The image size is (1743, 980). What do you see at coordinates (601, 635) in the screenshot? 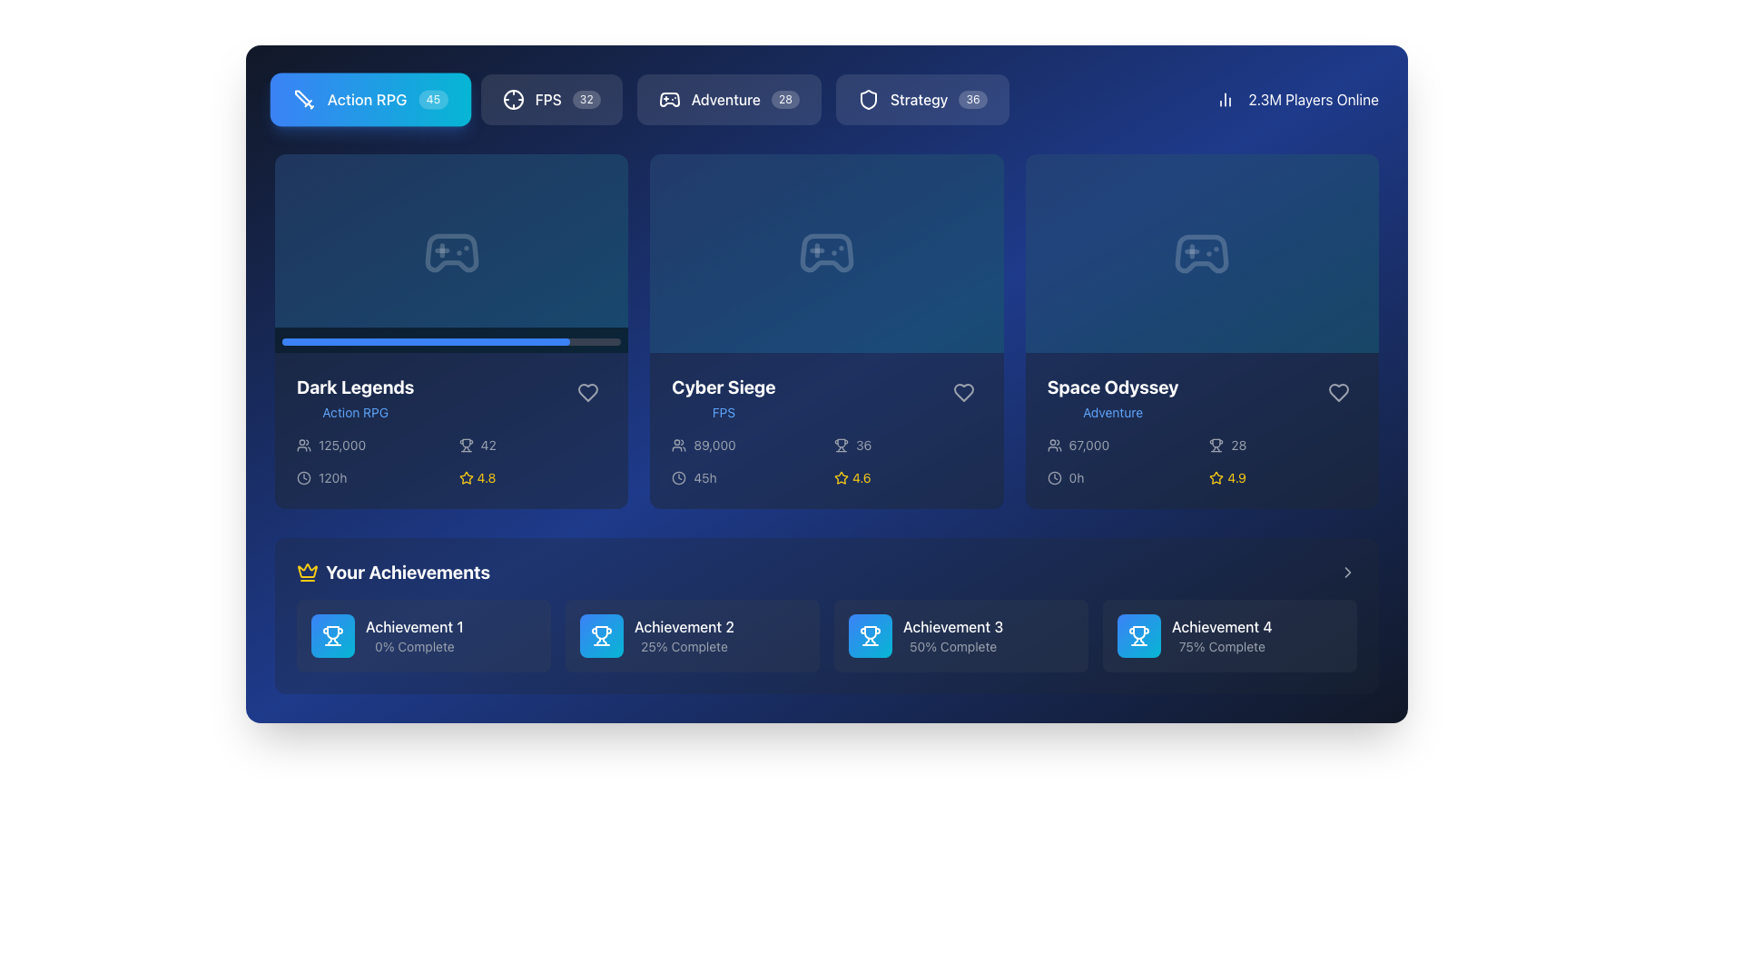
I see `the achievement icon representing 'Achievement 2' located in the 'Your Achievements' section, positioned centrally within its rounded rectangular card` at bounding box center [601, 635].